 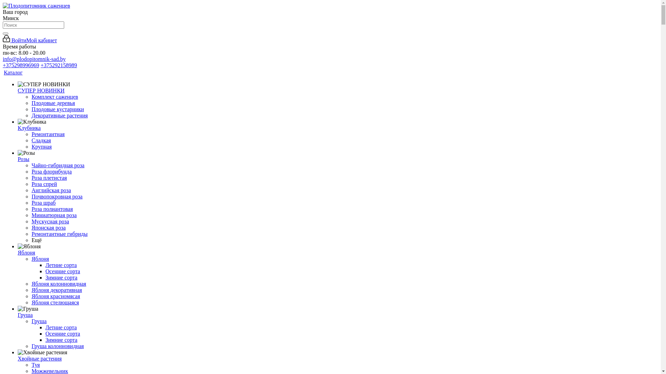 What do you see at coordinates (21, 65) in the screenshot?
I see `'+375298996969'` at bounding box center [21, 65].